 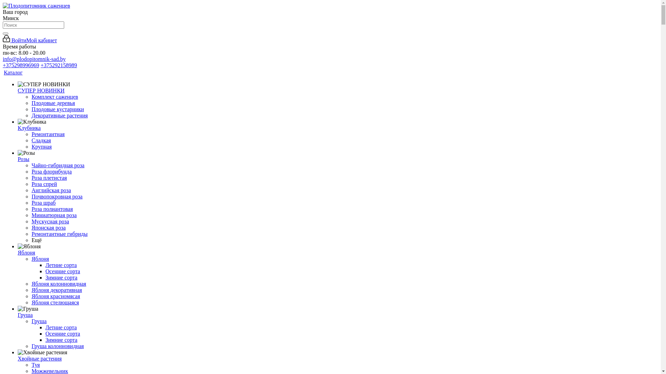 What do you see at coordinates (21, 65) in the screenshot?
I see `'+375298996969'` at bounding box center [21, 65].